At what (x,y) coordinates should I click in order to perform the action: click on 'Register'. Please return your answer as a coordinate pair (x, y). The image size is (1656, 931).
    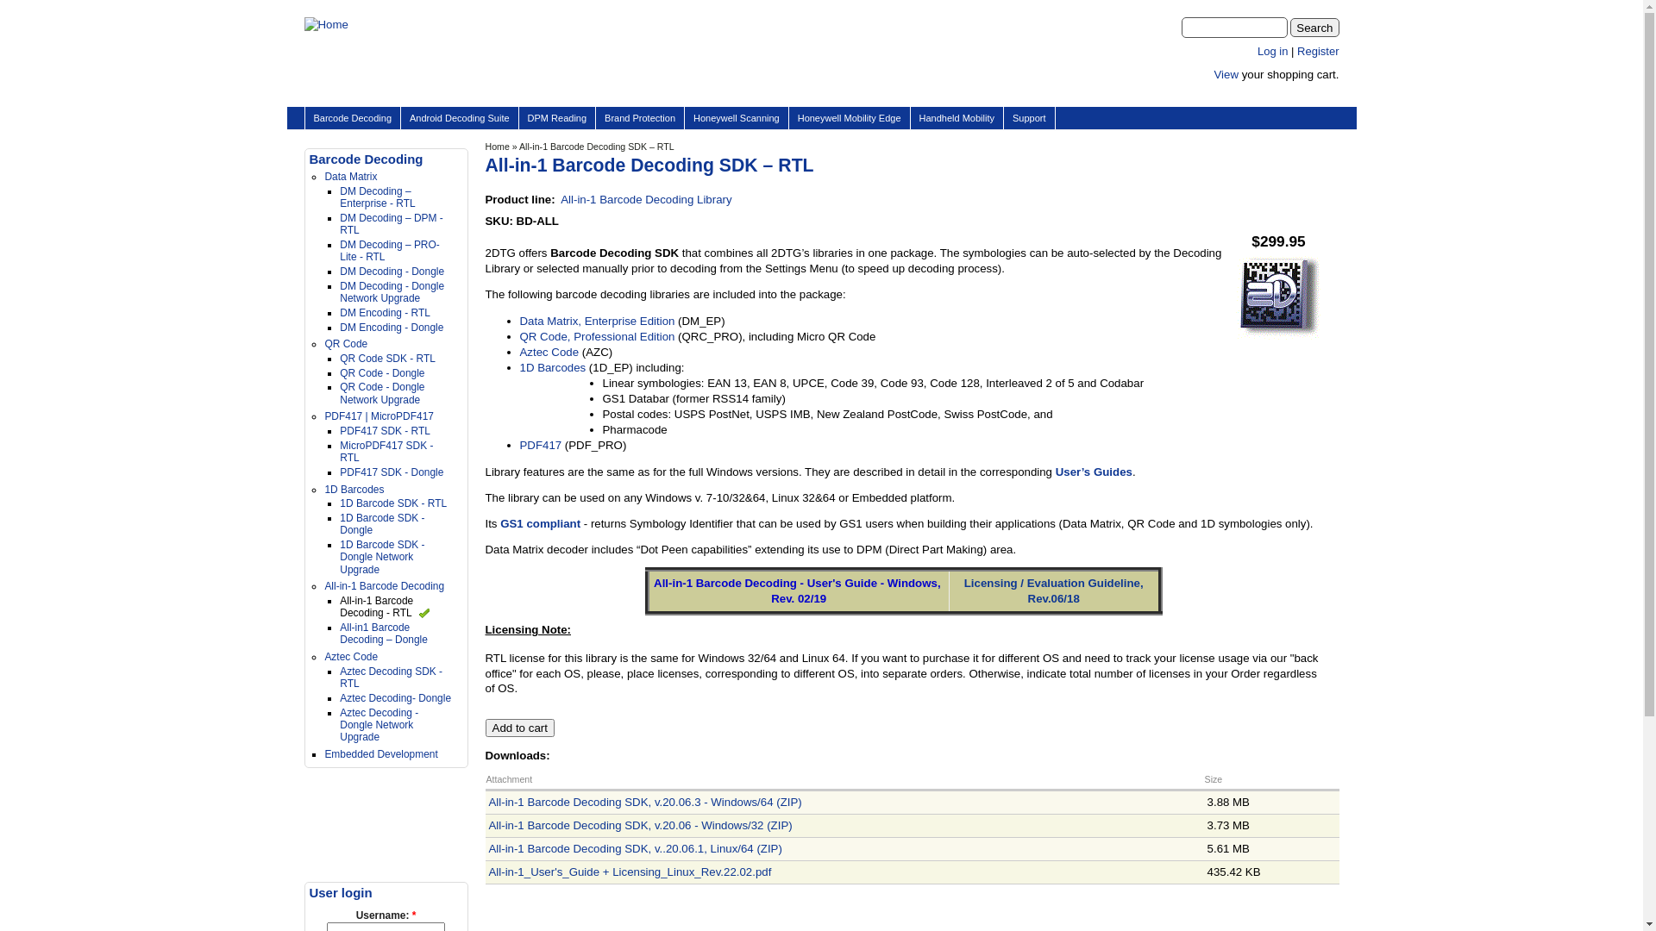
    Looking at the image, I should click on (1316, 50).